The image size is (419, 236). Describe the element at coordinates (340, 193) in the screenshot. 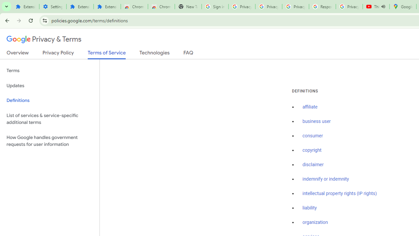

I see `'intellectual property rights (IP rights)'` at that location.